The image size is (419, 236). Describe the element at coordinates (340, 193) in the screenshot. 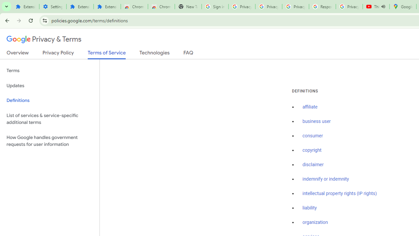

I see `'intellectual property rights (IP rights)'` at that location.